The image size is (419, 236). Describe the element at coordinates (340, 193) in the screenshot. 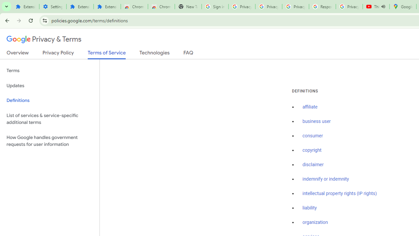

I see `'intellectual property rights (IP rights)'` at that location.